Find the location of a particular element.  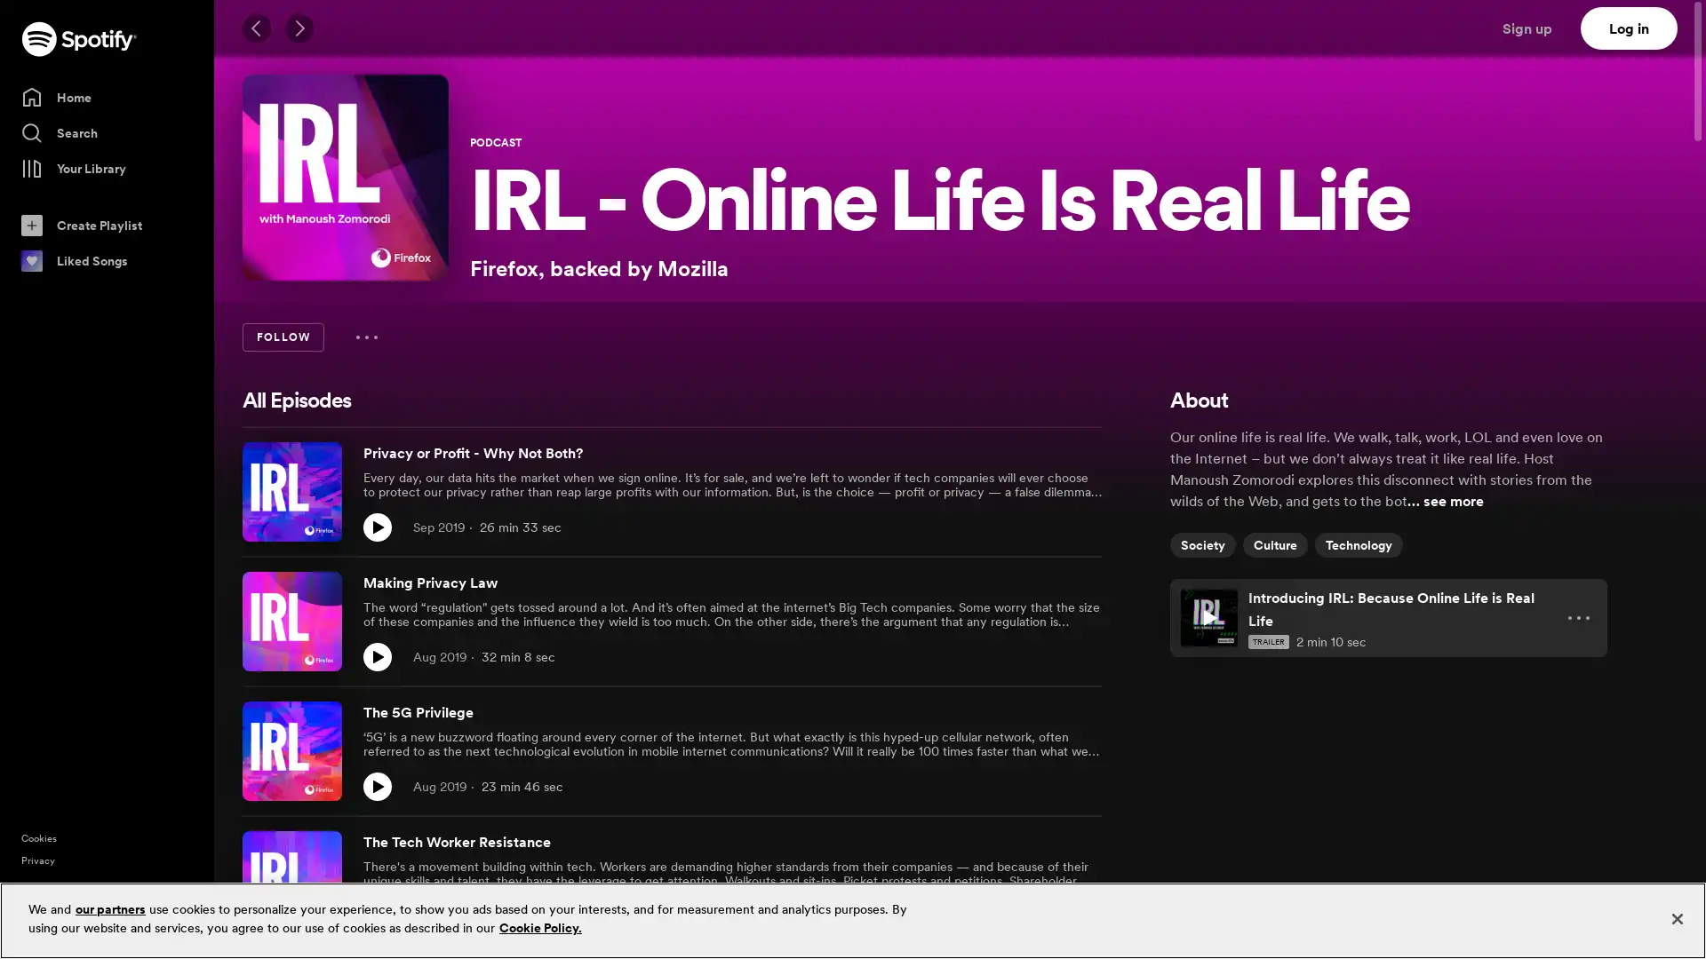

Sign up is located at coordinates (1537, 28).